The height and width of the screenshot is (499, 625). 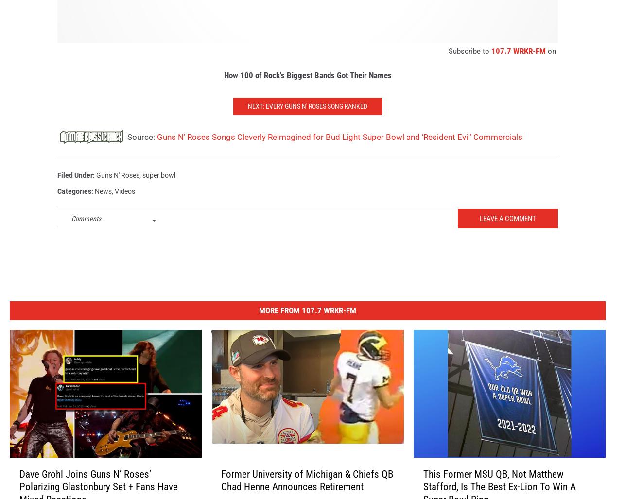 I want to click on '107.7 WRKR-FM', so click(x=518, y=62).